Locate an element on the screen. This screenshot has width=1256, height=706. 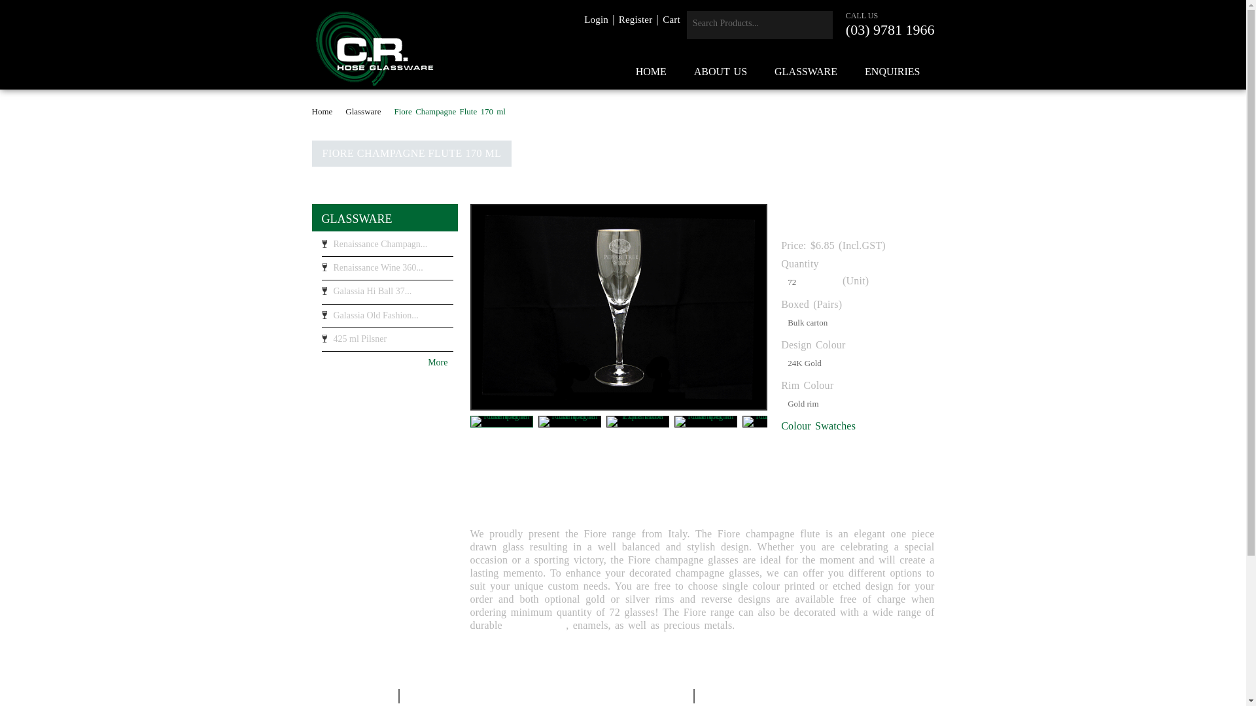
'Renaissance Champagn...' is located at coordinates (321, 247).